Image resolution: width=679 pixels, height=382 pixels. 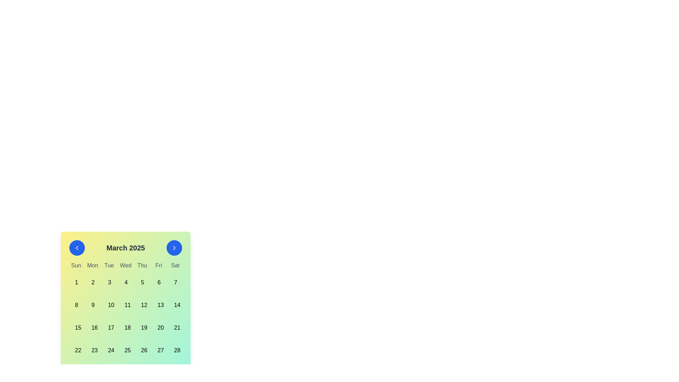 What do you see at coordinates (76, 351) in the screenshot?
I see `on the date cell '22' in the calendar grid under the 'Sun' column for March 2025` at bounding box center [76, 351].